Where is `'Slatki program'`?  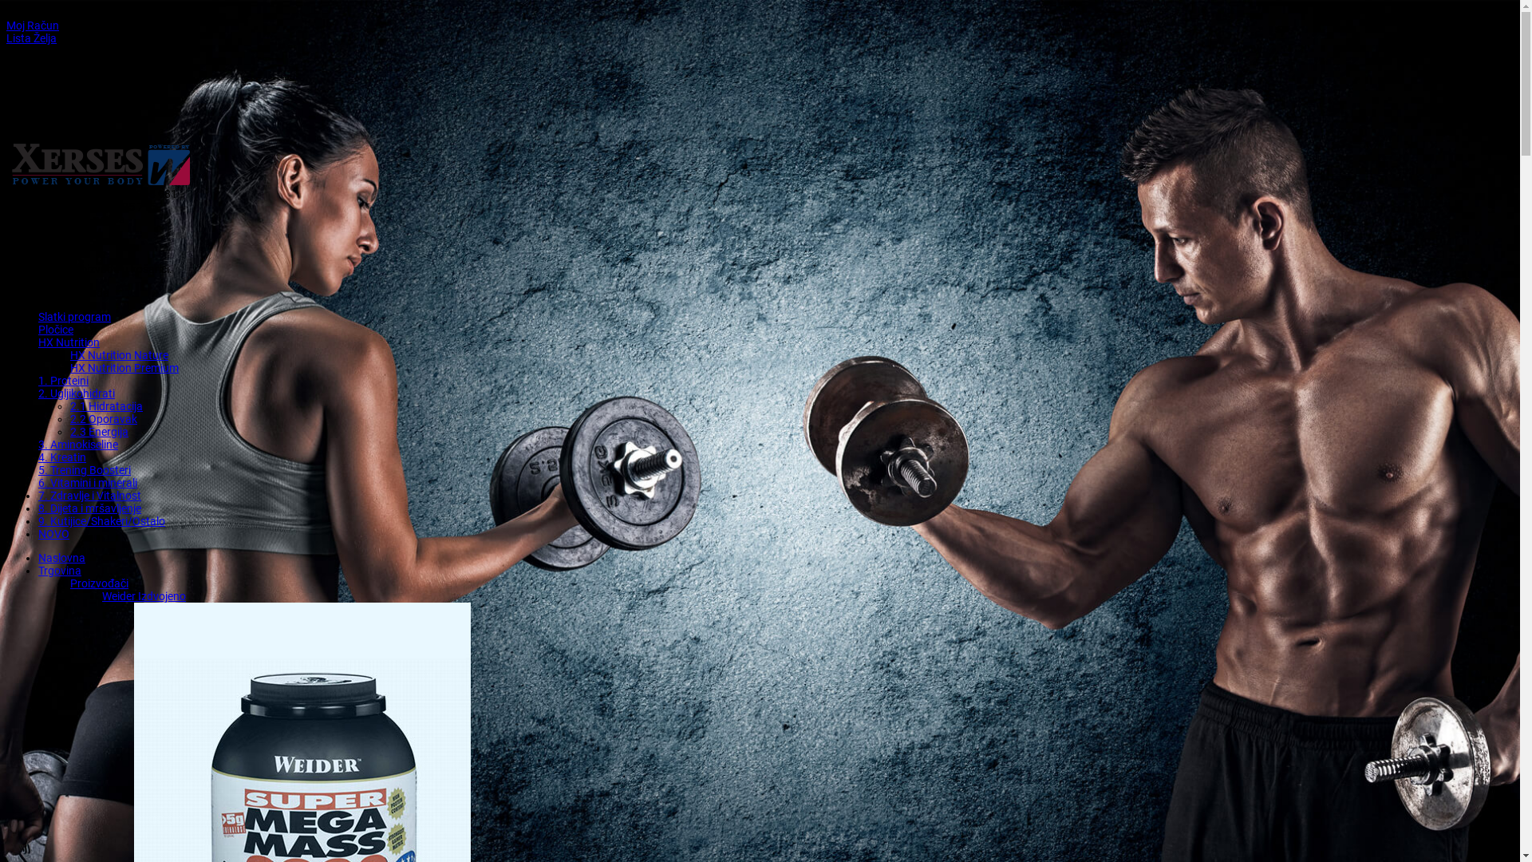 'Slatki program' is located at coordinates (38, 317).